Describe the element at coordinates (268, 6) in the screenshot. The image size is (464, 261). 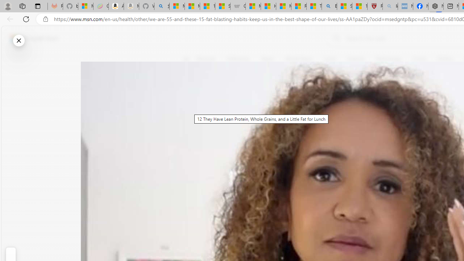
I see `'How I Got Rid of Microsoft Edge'` at that location.